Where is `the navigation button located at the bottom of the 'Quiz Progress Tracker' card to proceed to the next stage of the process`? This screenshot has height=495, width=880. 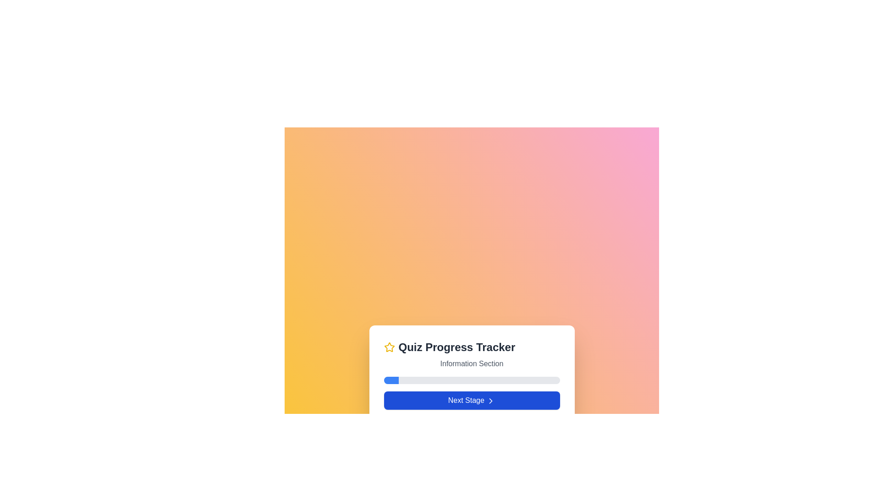
the navigation button located at the bottom of the 'Quiz Progress Tracker' card to proceed to the next stage of the process is located at coordinates (472, 400).